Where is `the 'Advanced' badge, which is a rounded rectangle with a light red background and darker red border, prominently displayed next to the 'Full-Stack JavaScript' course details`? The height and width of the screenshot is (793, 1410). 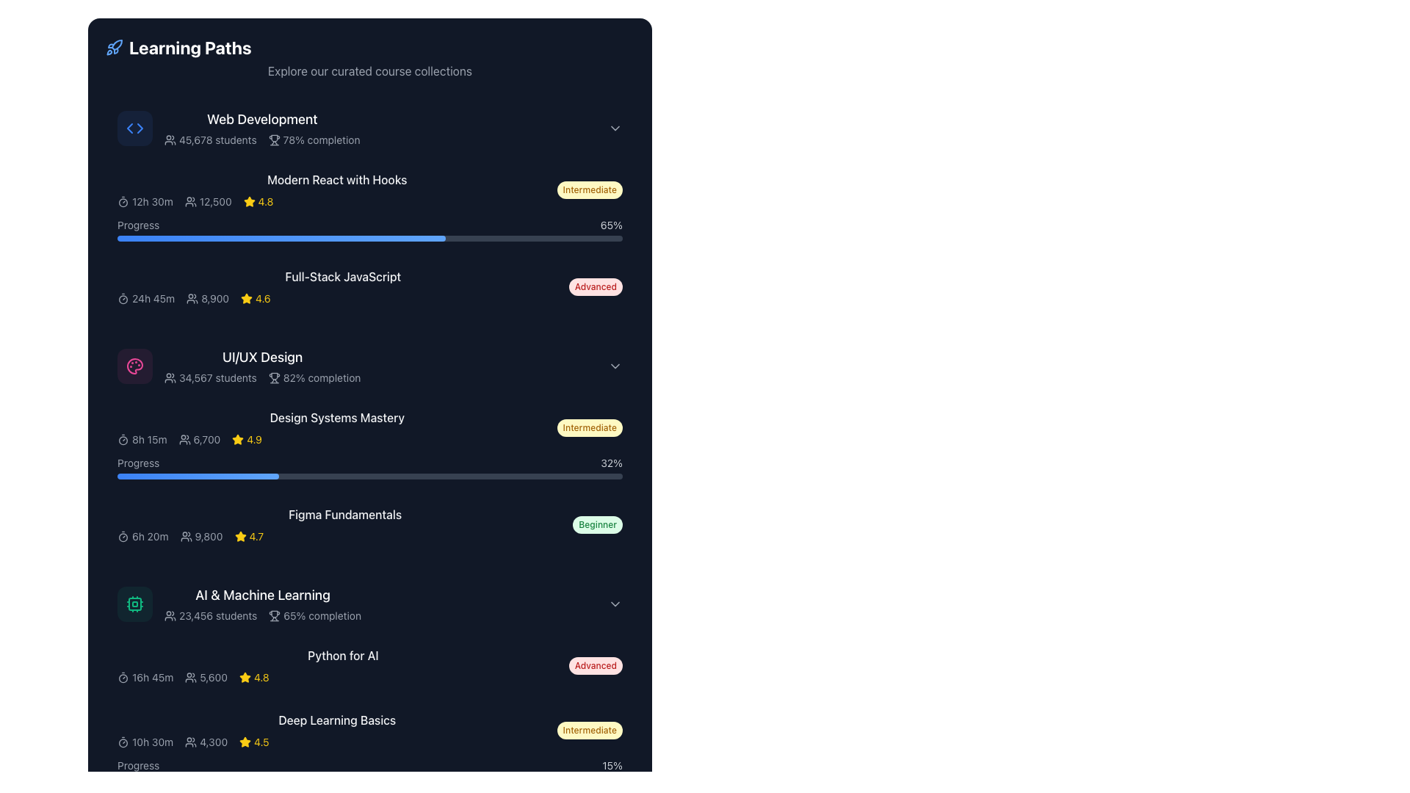
the 'Advanced' badge, which is a rounded rectangle with a light red background and darker red border, prominently displayed next to the 'Full-Stack JavaScript' course details is located at coordinates (596, 286).